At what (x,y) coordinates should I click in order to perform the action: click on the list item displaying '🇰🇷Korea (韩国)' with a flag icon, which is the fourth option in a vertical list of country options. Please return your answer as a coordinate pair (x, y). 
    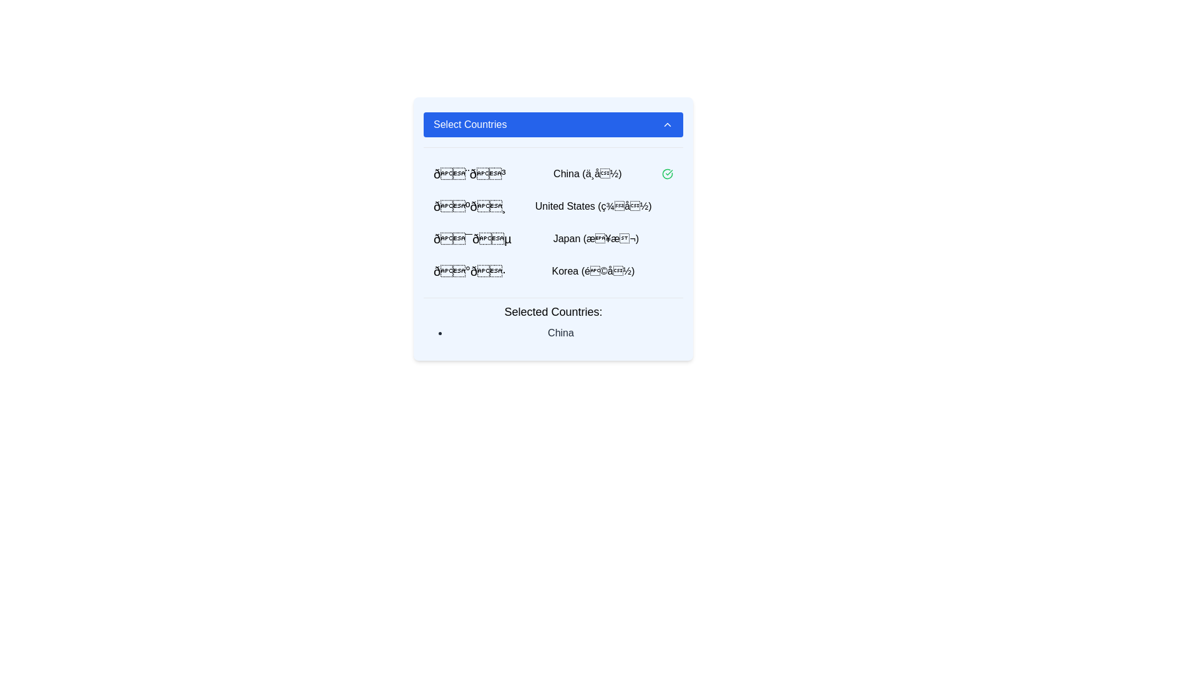
    Looking at the image, I should click on (553, 271).